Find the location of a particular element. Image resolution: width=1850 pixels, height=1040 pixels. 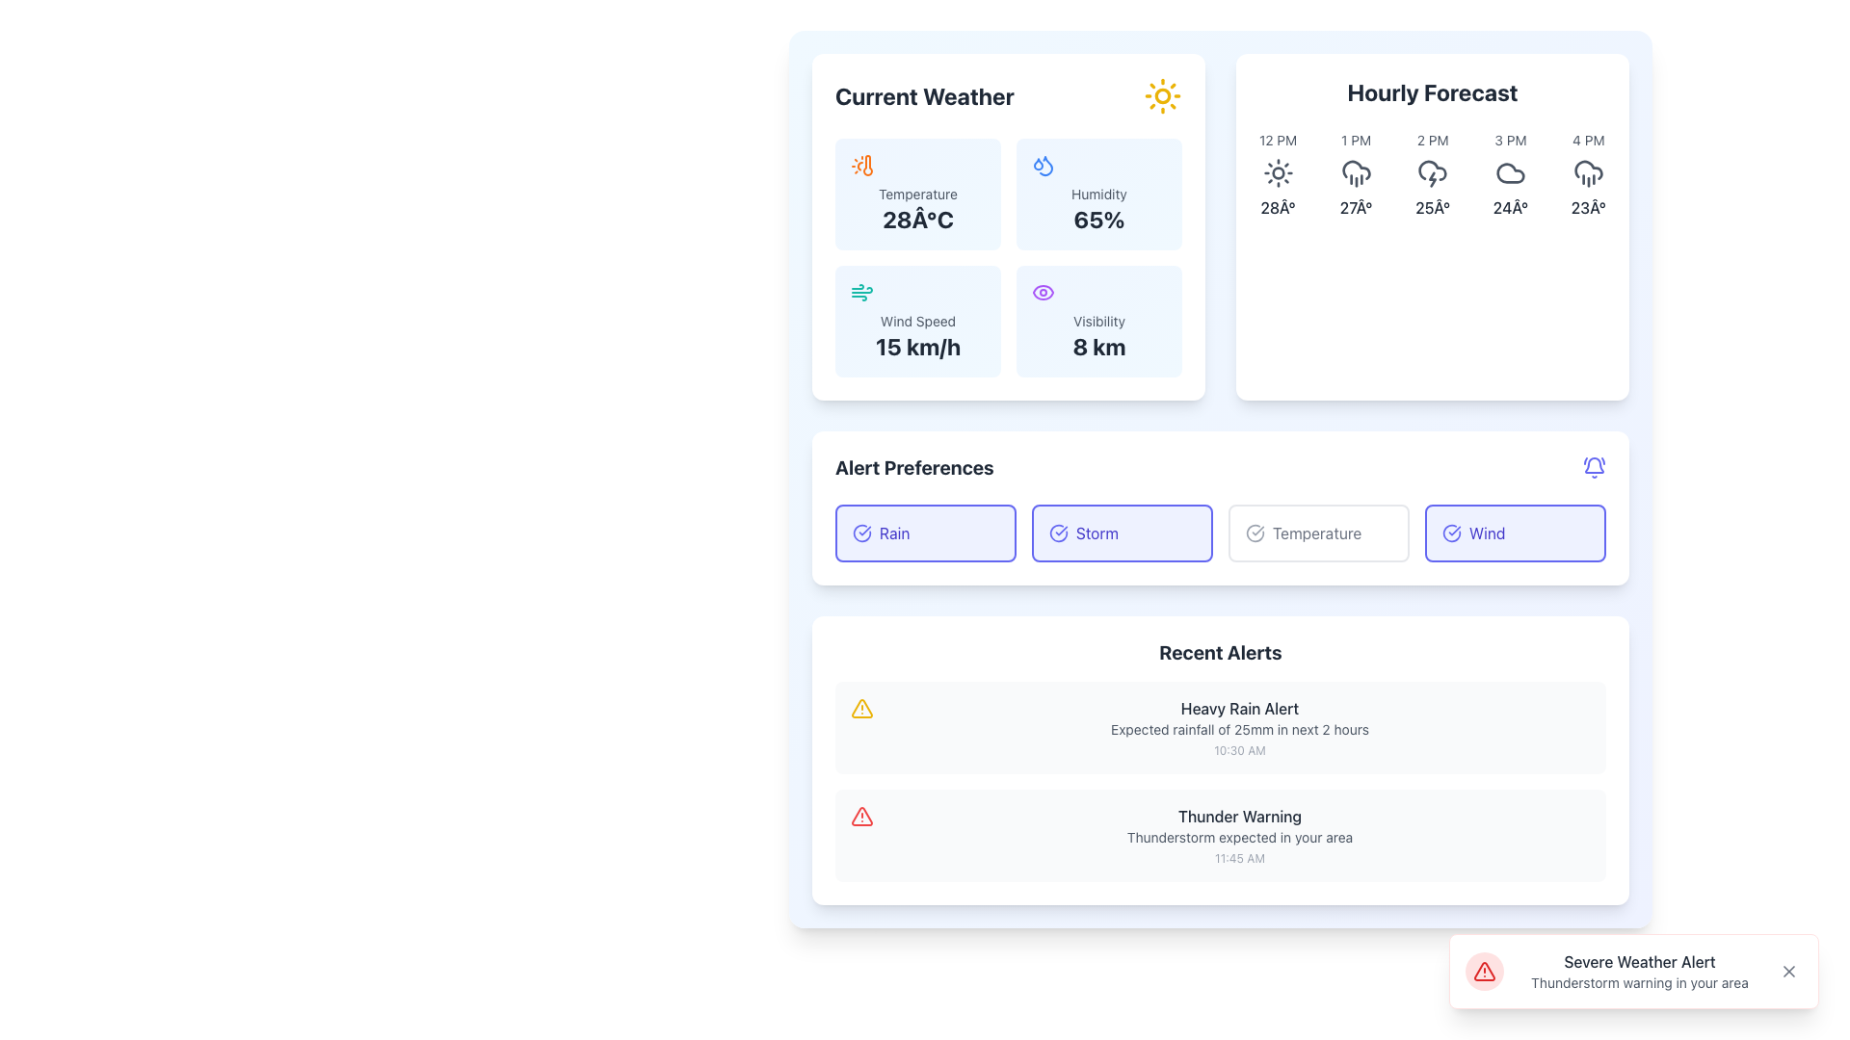

text label 'Hourly Forecast' located at the top center of the weather information card, which is styled in bold, large dark gray font is located at coordinates (1433, 92).